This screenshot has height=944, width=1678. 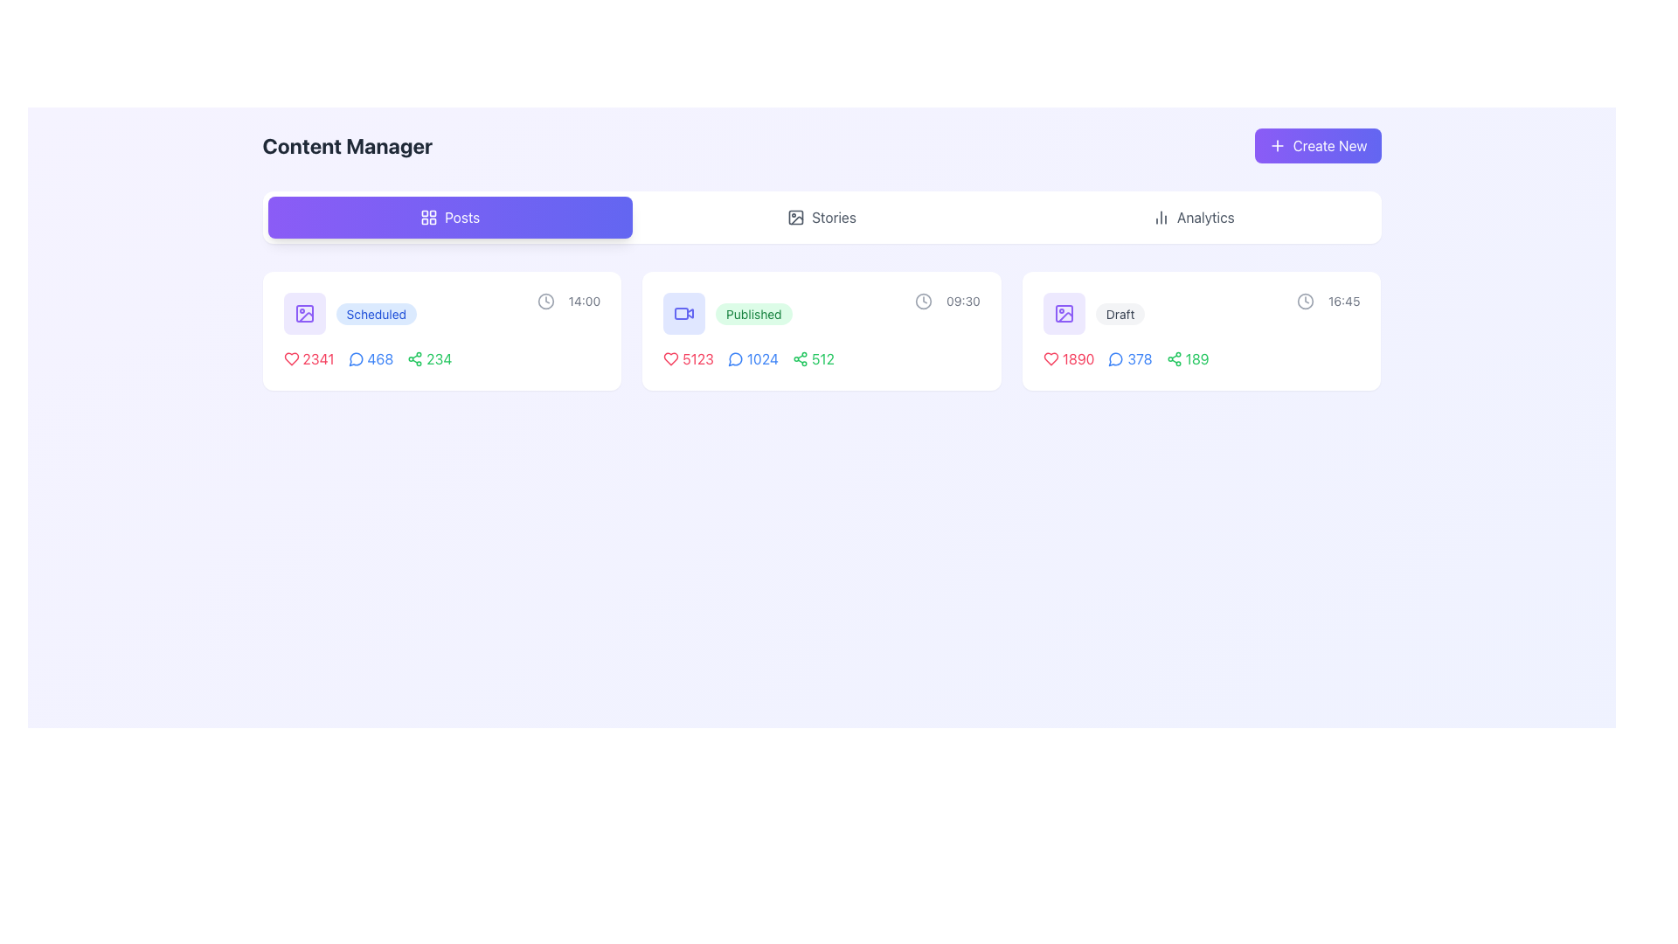 I want to click on the time icon visually representing '16:45' in the top-right area of the card layout, so click(x=1305, y=300).